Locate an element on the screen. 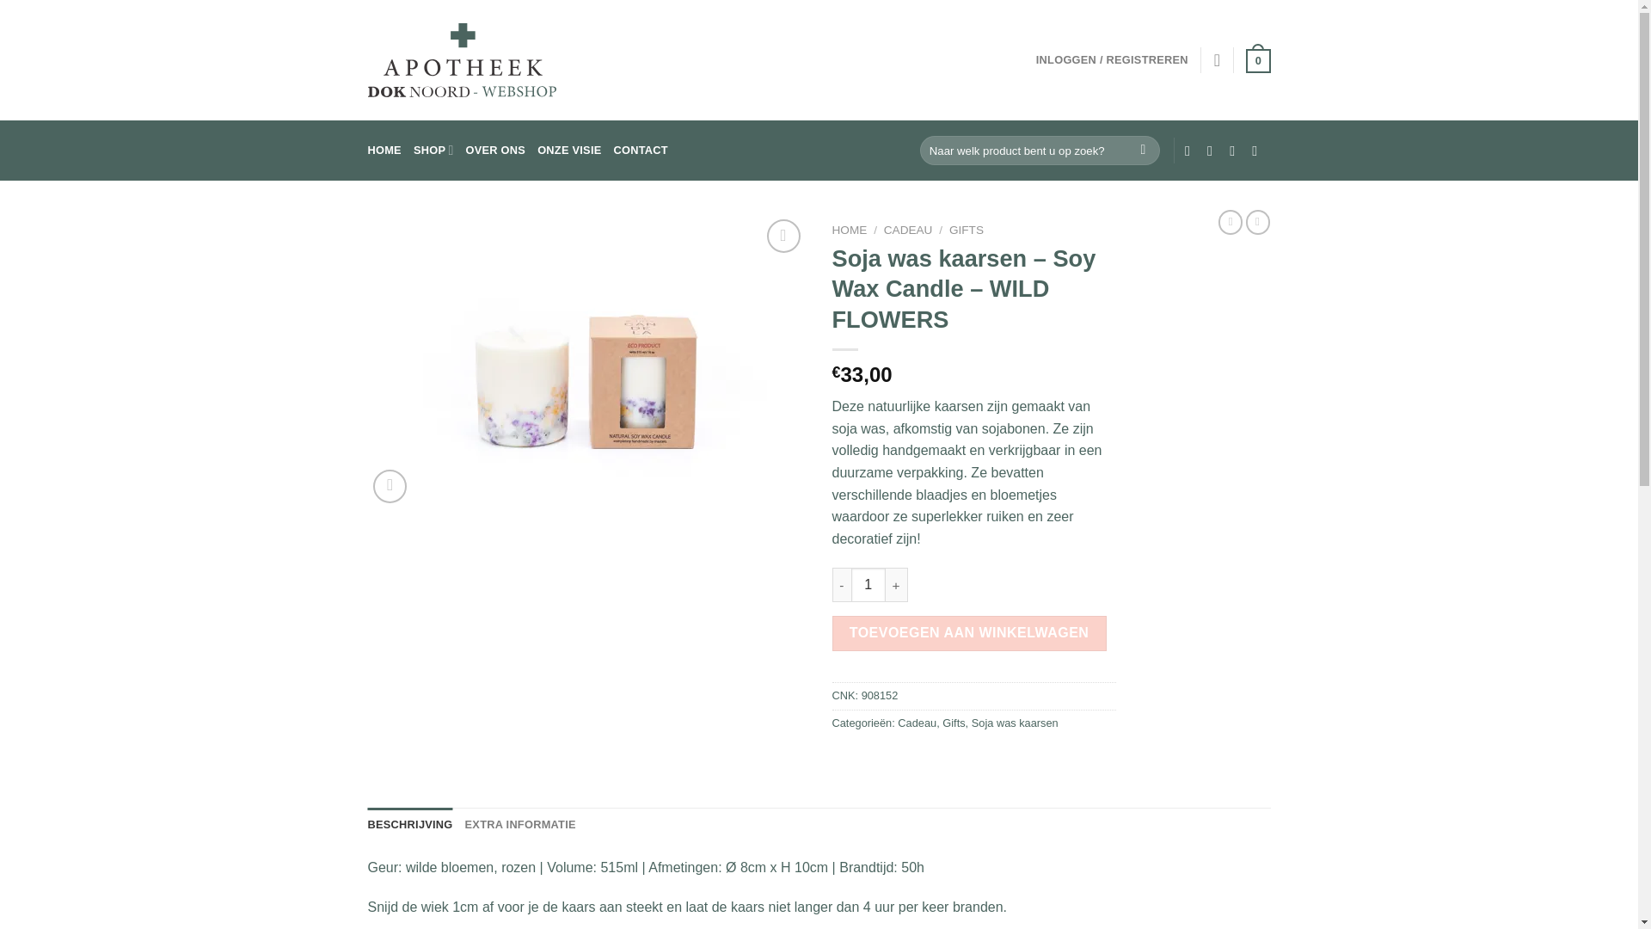 The width and height of the screenshot is (1651, 929). 'Zoeken' is located at coordinates (1143, 149).